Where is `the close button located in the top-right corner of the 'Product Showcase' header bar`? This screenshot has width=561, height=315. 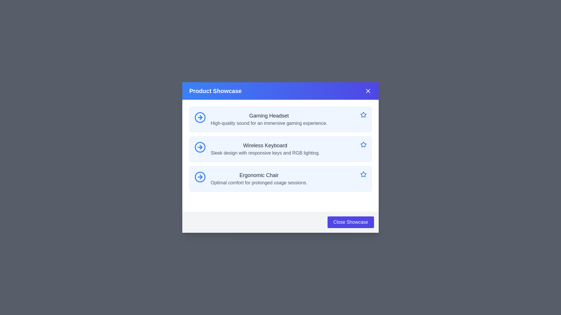 the close button located in the top-right corner of the 'Product Showcase' header bar is located at coordinates (368, 91).